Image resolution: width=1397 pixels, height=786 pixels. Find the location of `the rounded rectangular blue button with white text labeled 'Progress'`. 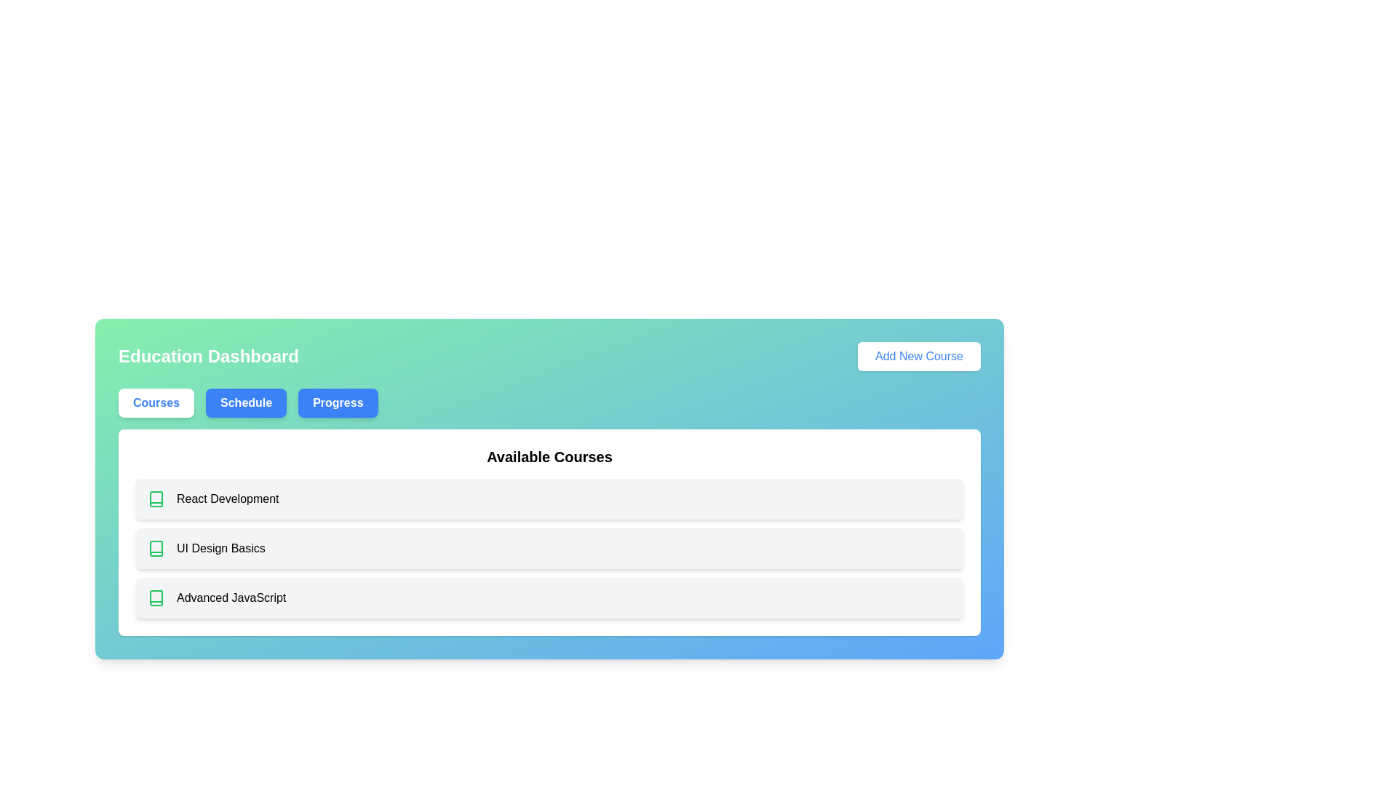

the rounded rectangular blue button with white text labeled 'Progress' is located at coordinates (337, 403).